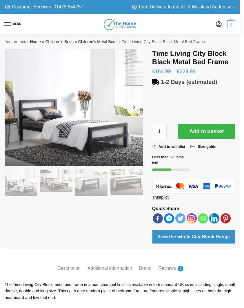 The image size is (244, 308). What do you see at coordinates (111, 276) in the screenshot?
I see `'Additional information'` at bounding box center [111, 276].